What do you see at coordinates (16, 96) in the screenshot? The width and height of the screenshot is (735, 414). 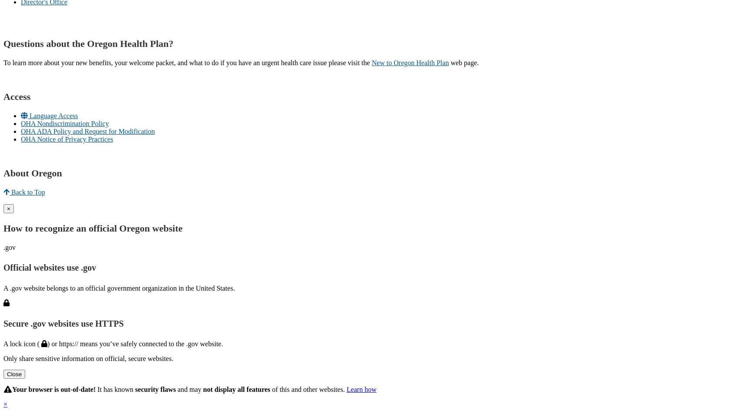 I see `'Access'` at bounding box center [16, 96].